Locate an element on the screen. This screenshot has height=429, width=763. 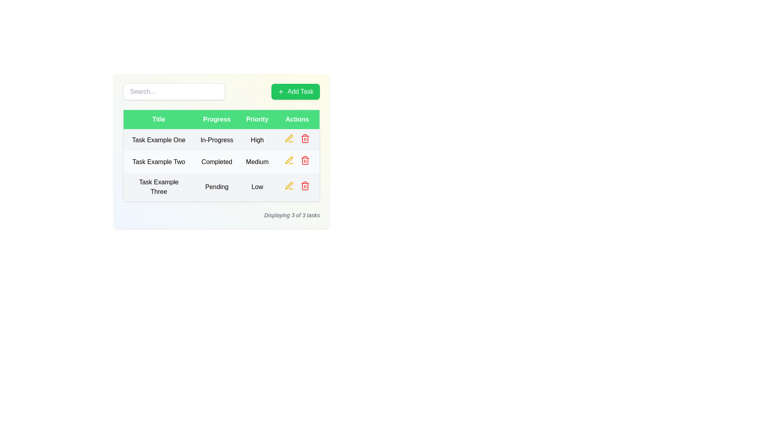
the edit action icon located in the 'Actions' column of the last row associated with 'Task Example Three', positioned on the far right of the table, preceding the trash icon is located at coordinates (289, 160).